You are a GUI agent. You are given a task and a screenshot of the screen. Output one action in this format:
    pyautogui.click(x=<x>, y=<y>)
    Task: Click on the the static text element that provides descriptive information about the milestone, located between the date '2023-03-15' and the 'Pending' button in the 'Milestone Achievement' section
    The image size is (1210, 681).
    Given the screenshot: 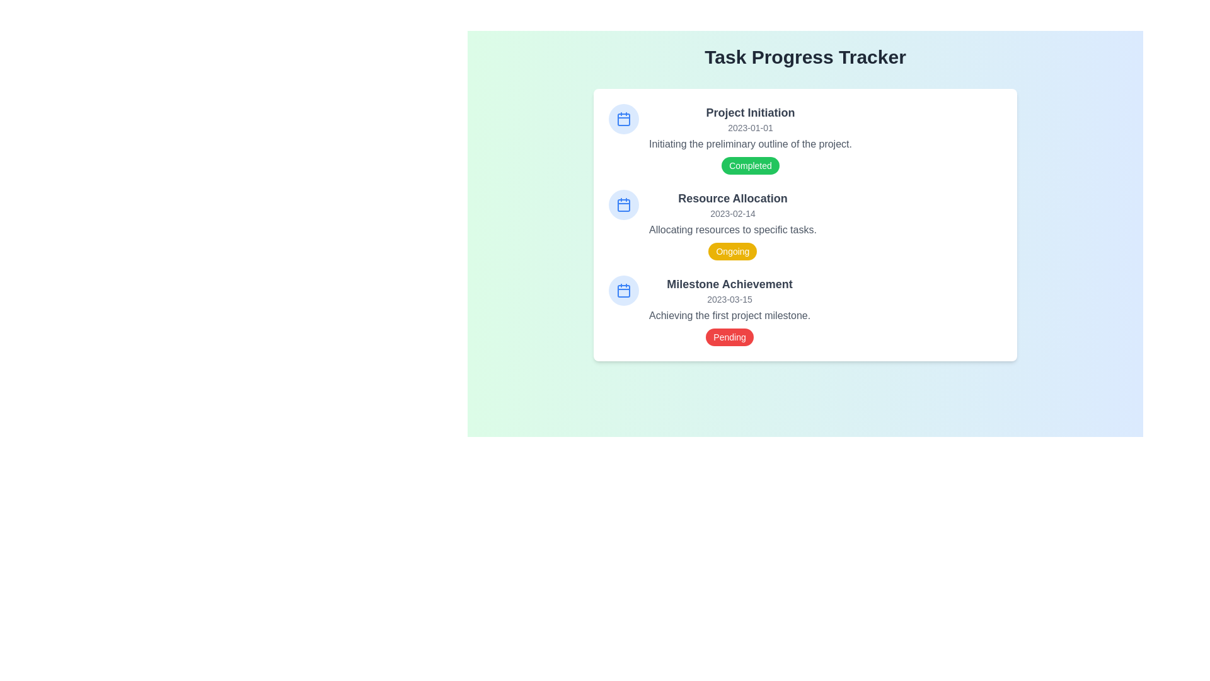 What is the action you would take?
    pyautogui.click(x=730, y=315)
    